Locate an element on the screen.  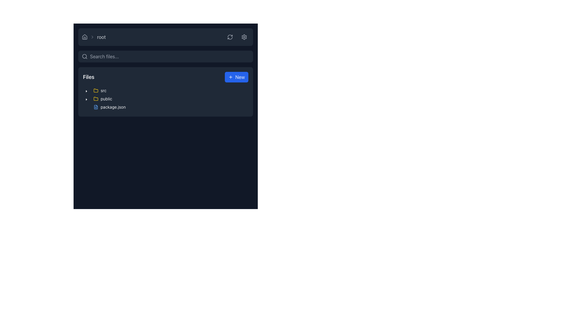
the 'public' directory label located in the file list section under the 'Files' header is located at coordinates (103, 98).